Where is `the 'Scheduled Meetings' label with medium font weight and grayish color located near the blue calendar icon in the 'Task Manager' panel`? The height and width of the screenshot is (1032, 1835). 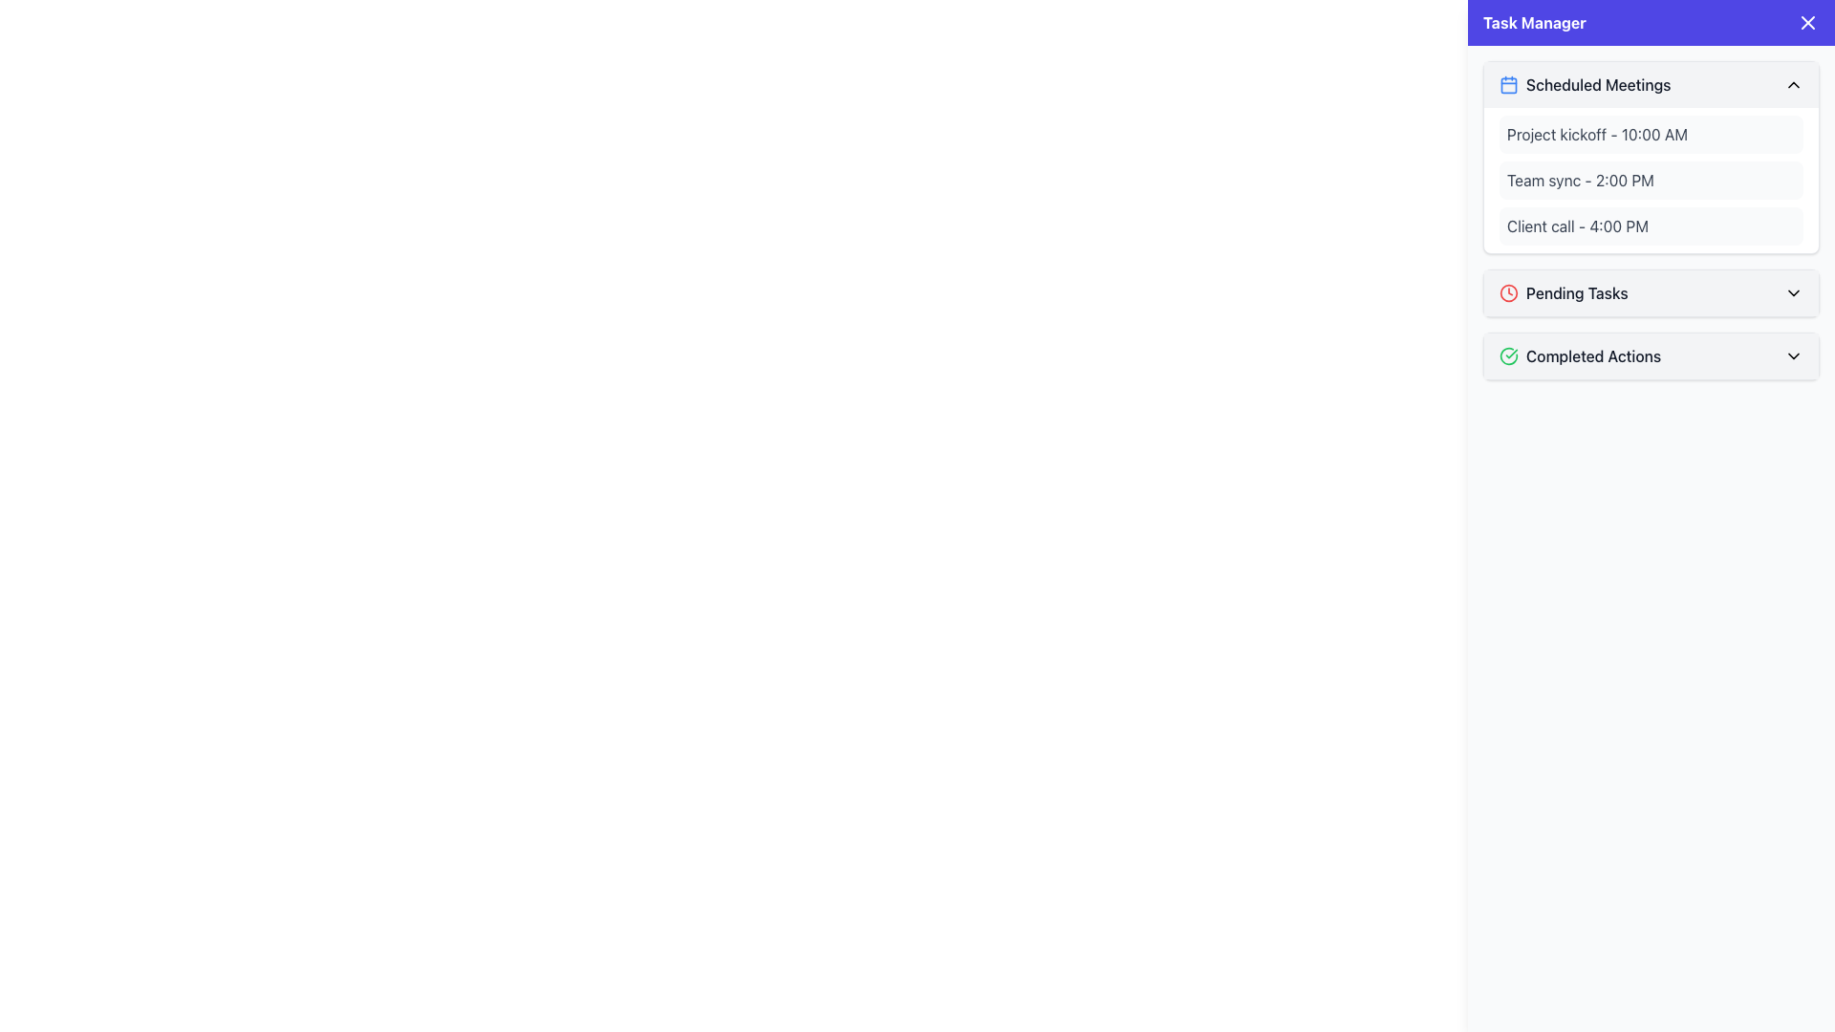 the 'Scheduled Meetings' label with medium font weight and grayish color located near the blue calendar icon in the 'Task Manager' panel is located at coordinates (1598, 83).